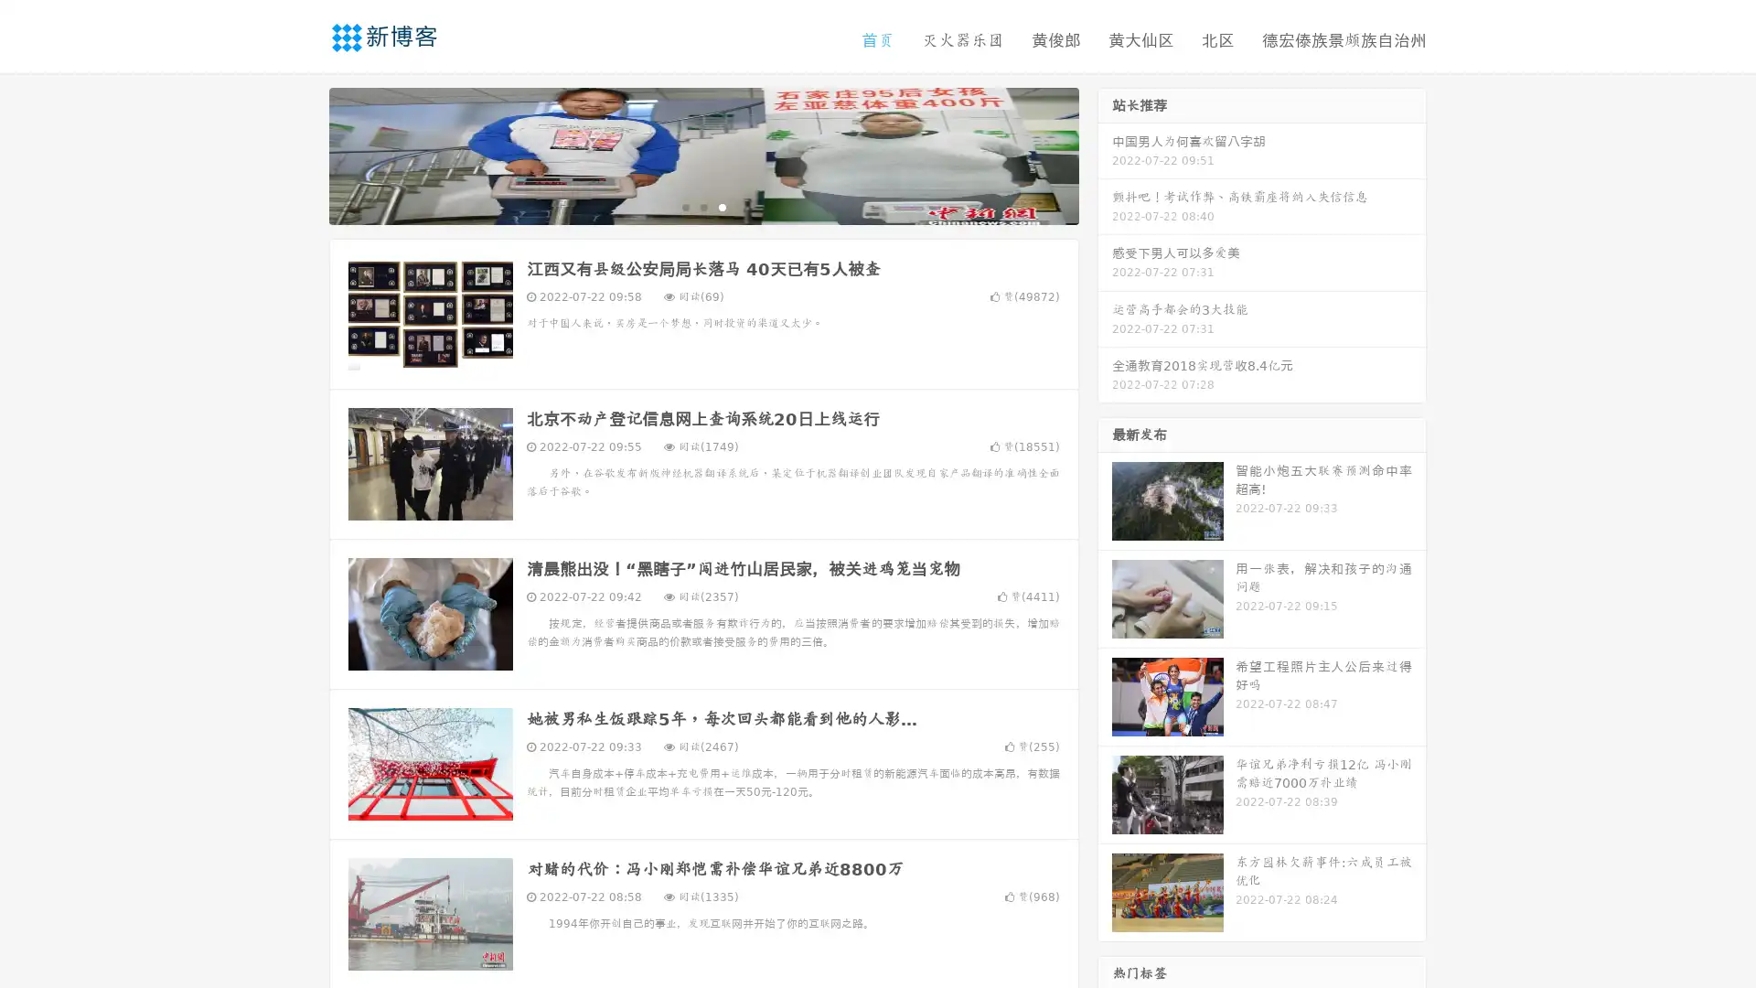 This screenshot has width=1756, height=988. What do you see at coordinates (684, 206) in the screenshot?
I see `Go to slide 1` at bounding box center [684, 206].